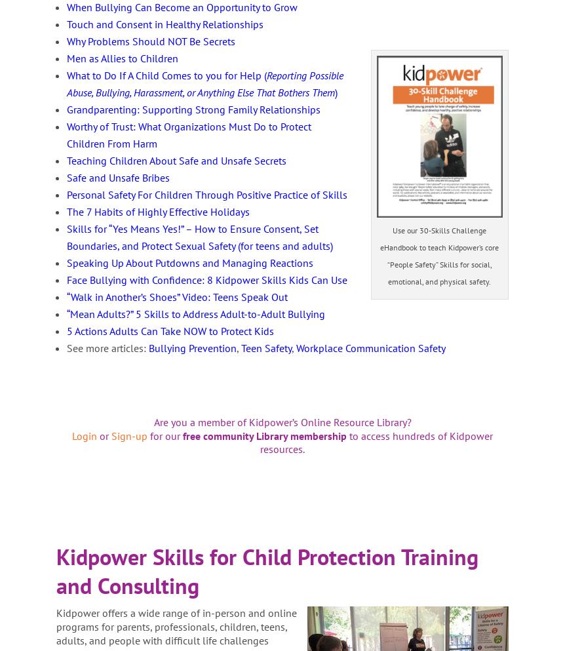  Describe the element at coordinates (376, 442) in the screenshot. I see `'to access hundreds of Kidpower resources.'` at that location.